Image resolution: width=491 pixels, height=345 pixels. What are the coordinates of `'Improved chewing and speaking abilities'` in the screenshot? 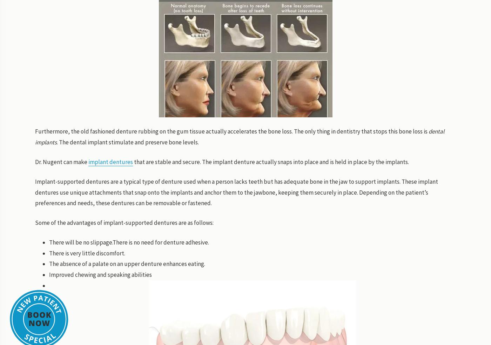 It's located at (100, 274).